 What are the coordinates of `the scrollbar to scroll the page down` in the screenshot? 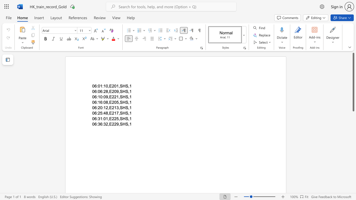 It's located at (353, 138).